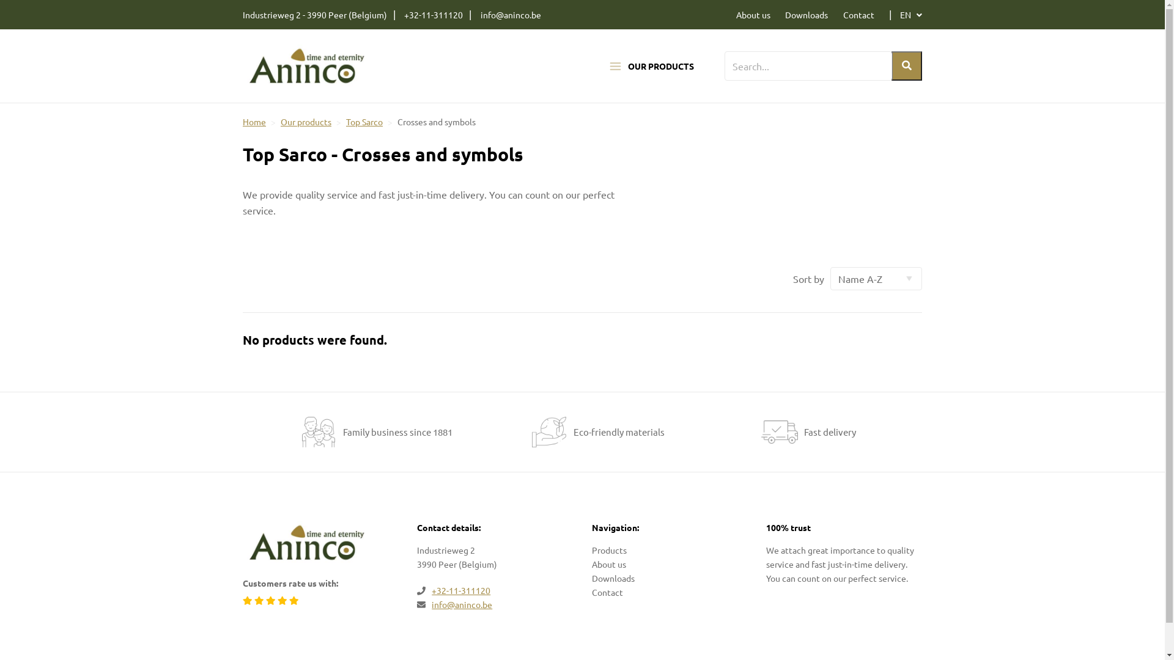 This screenshot has height=660, width=1174. What do you see at coordinates (460, 589) in the screenshot?
I see `'+32-11-311120'` at bounding box center [460, 589].